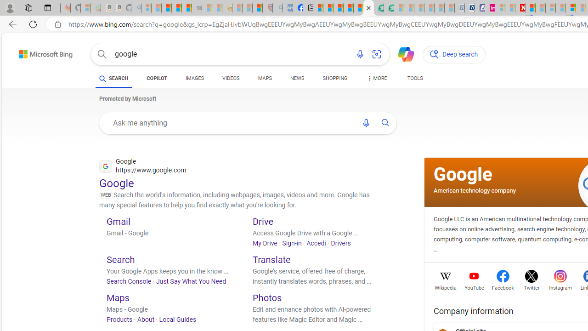 The height and width of the screenshot is (331, 588). What do you see at coordinates (376, 78) in the screenshot?
I see `'Dropdown Menu'` at bounding box center [376, 78].